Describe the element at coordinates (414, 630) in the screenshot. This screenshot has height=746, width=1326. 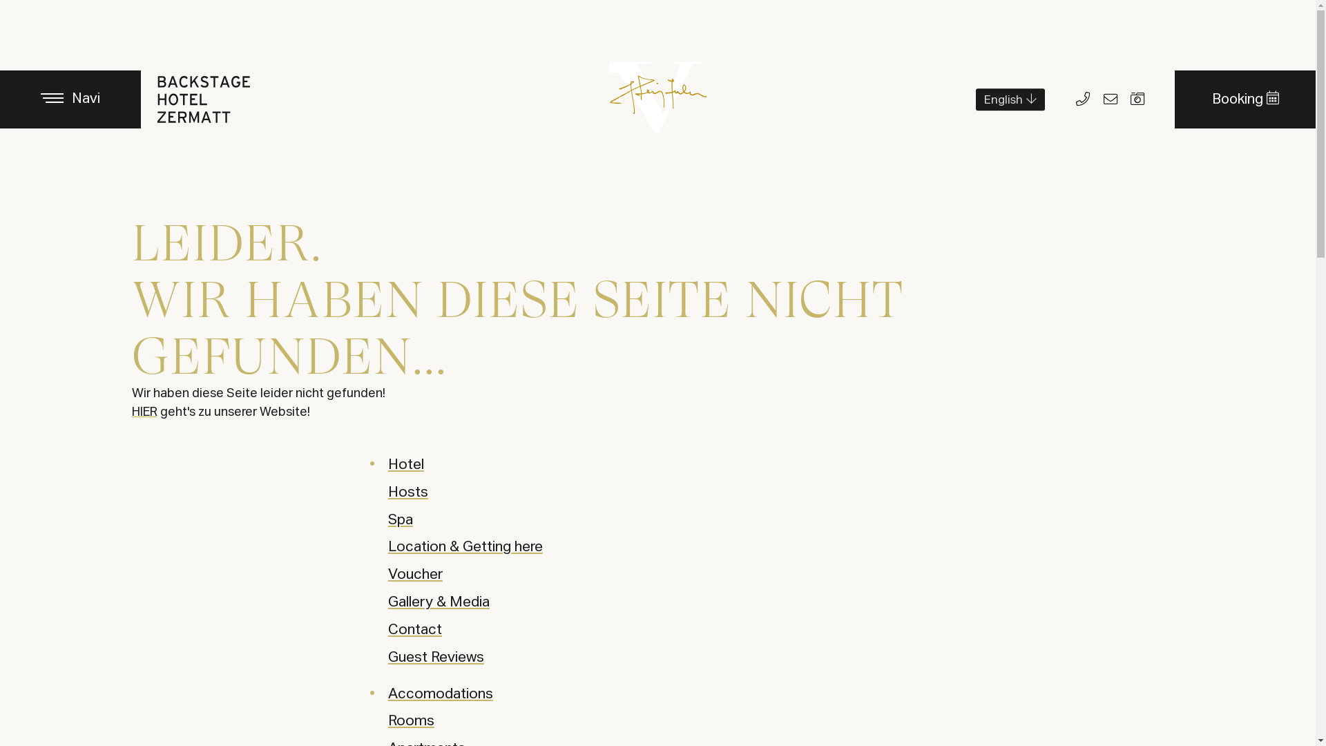
I see `'Contact'` at that location.